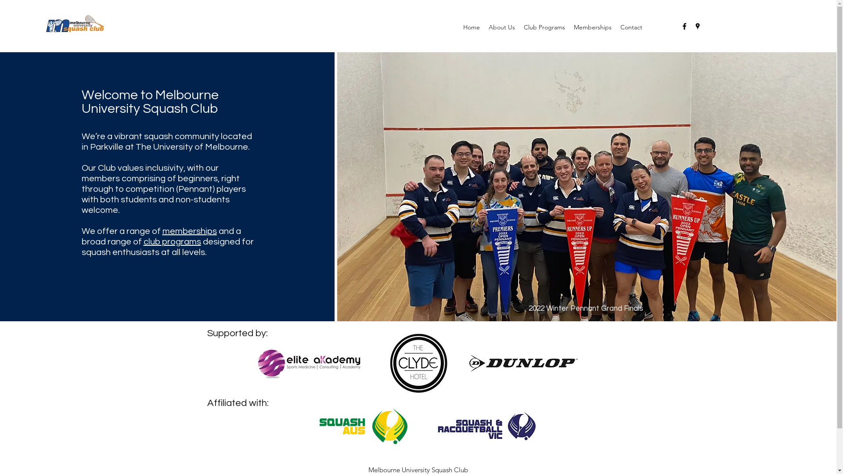  What do you see at coordinates (189, 231) in the screenshot?
I see `'memberships'` at bounding box center [189, 231].